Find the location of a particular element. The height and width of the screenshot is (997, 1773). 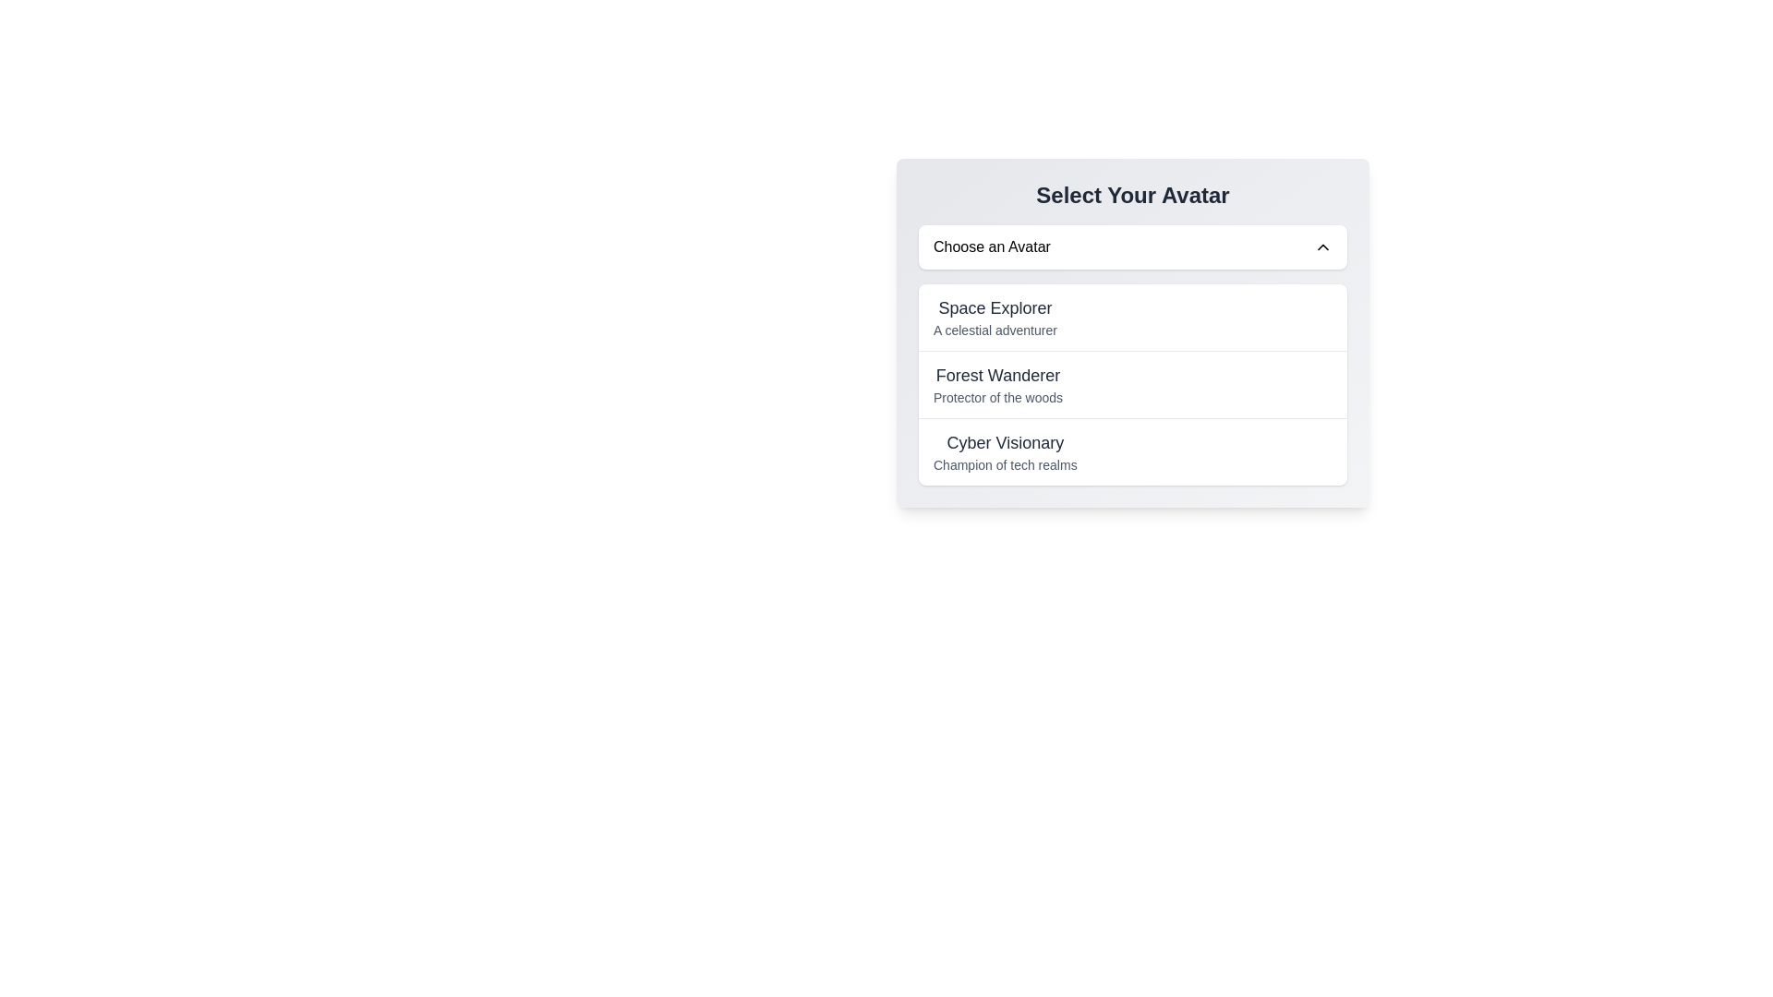

the third selectable list item titled 'Cyber Visionary' is located at coordinates (1132, 451).